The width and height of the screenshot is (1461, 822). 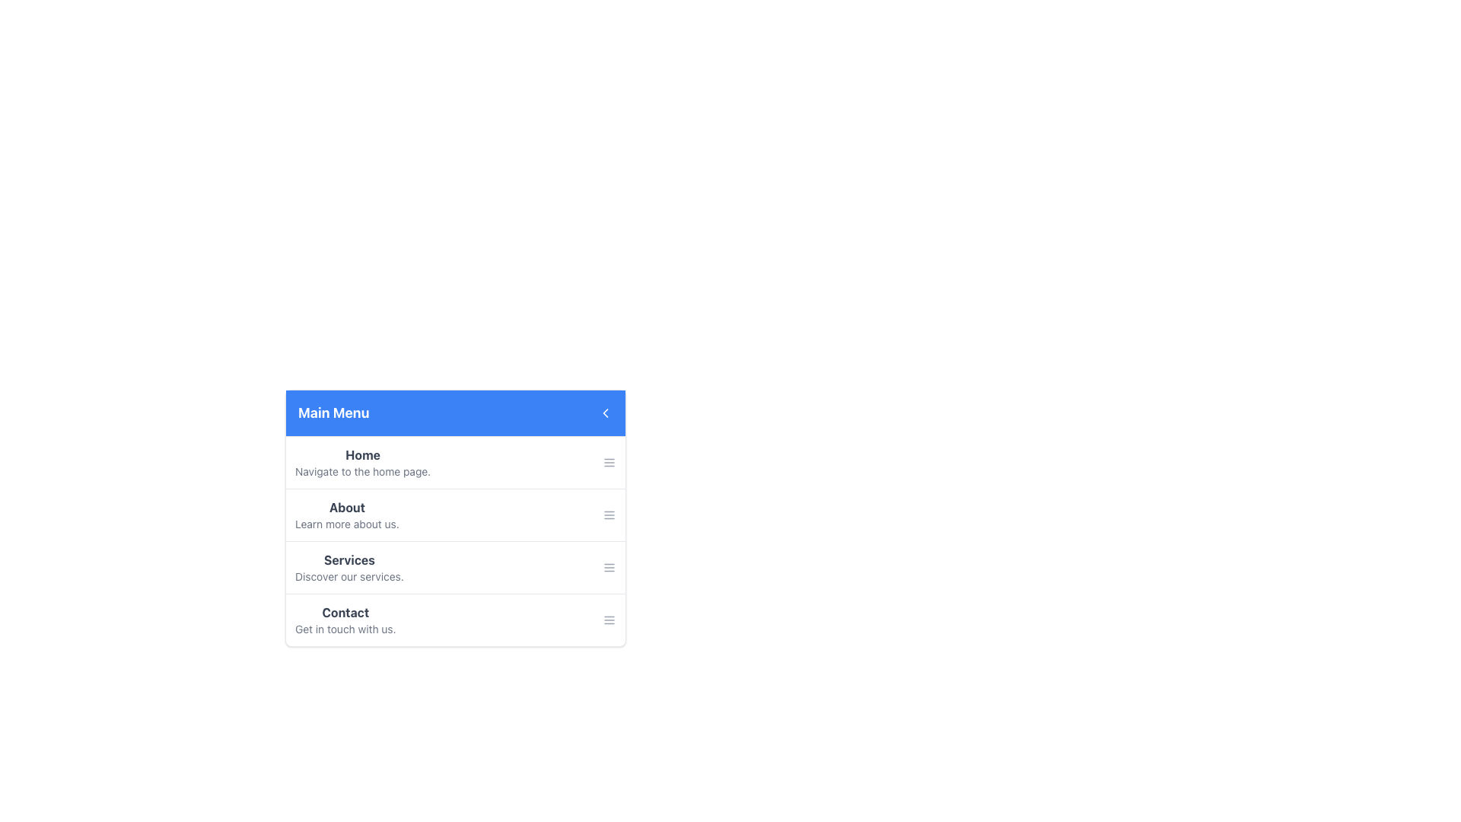 I want to click on the menu icon represented by three horizontal lines, styled in medium gray, located at the far-right end of the list item labeled 'About', so click(x=610, y=515).